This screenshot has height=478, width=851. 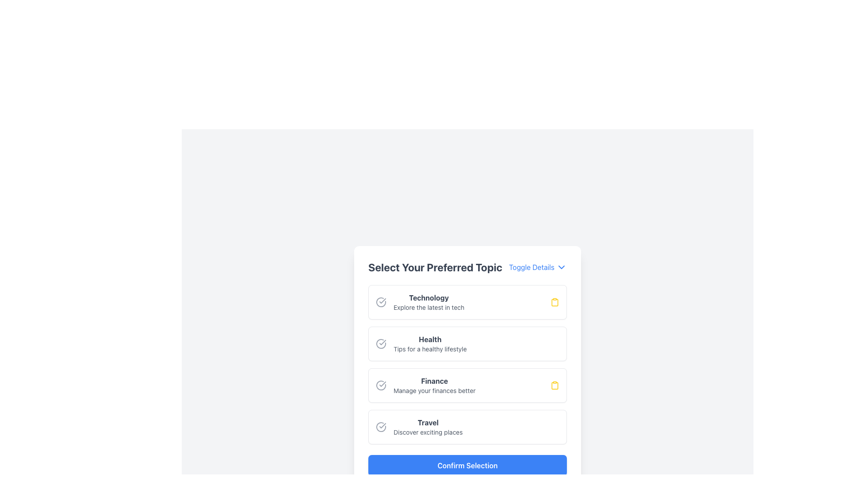 What do you see at coordinates (421, 343) in the screenshot?
I see `the List item with a stylized check icon and text 'Health' within the second card under 'Select Your Preferred Topic' for context menu options` at bounding box center [421, 343].